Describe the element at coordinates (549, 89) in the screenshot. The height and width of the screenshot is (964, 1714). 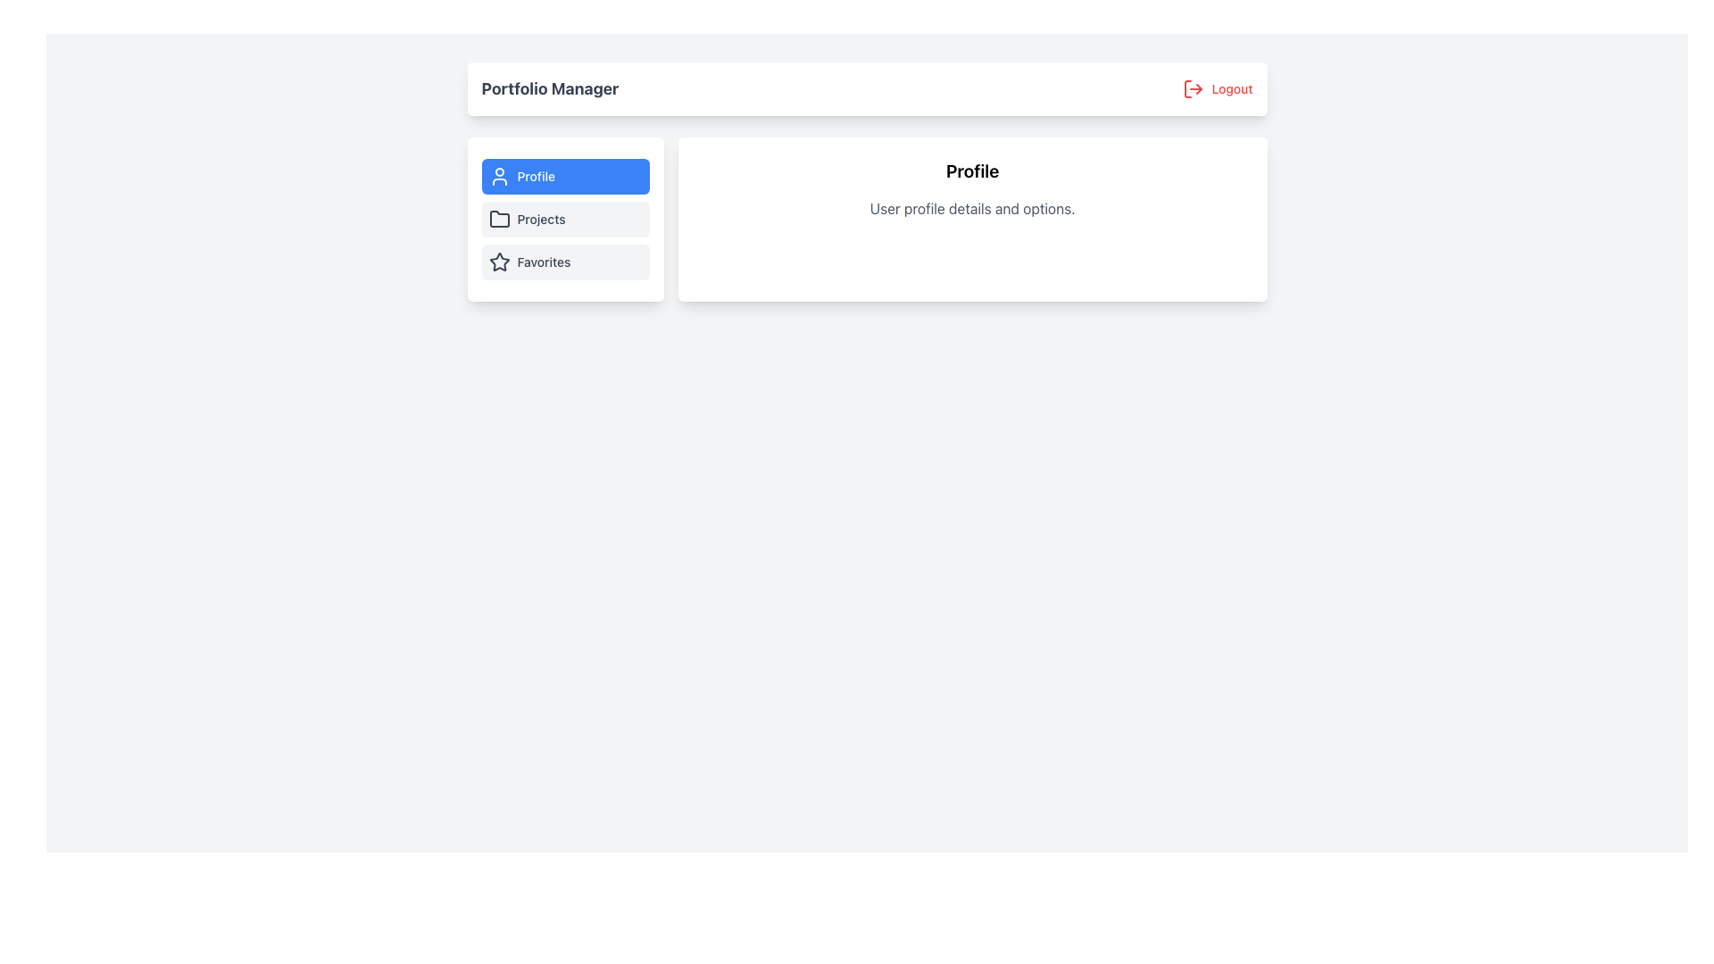
I see `the 'Portfolio Manager' text label, which is a bold and large gray font label located in the top-left section of the header bar, to the left of the 'Logout' button` at that location.